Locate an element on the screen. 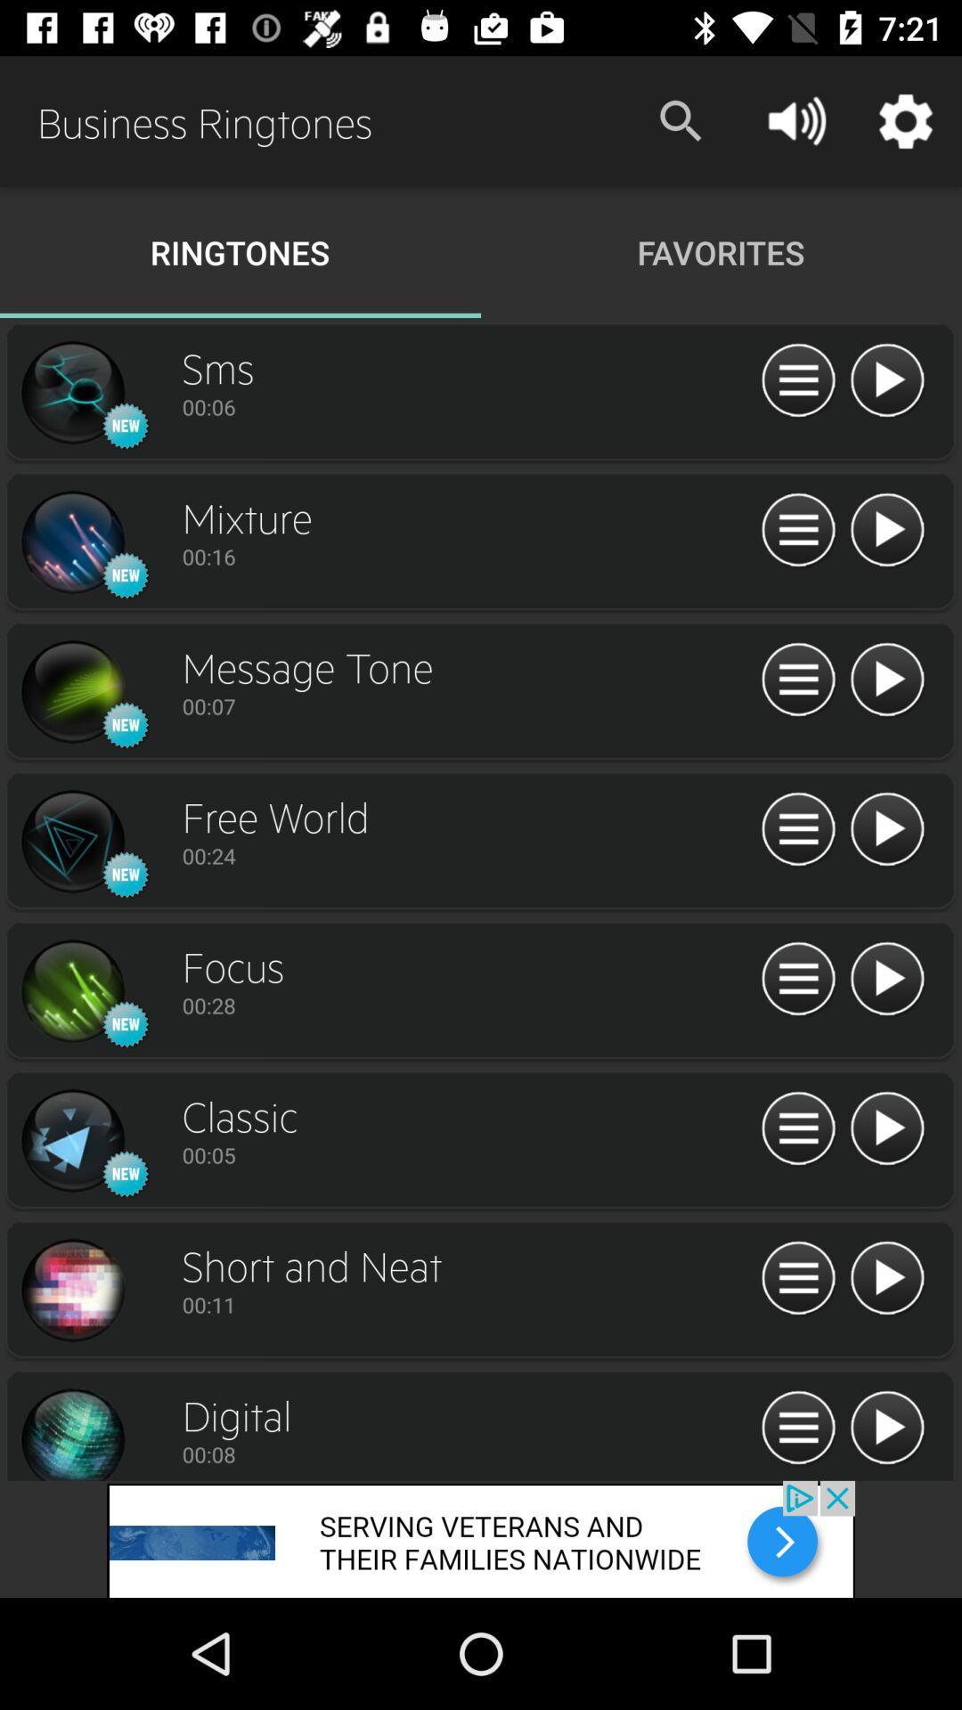 Image resolution: width=962 pixels, height=1710 pixels. click arrow button is located at coordinates (886, 380).